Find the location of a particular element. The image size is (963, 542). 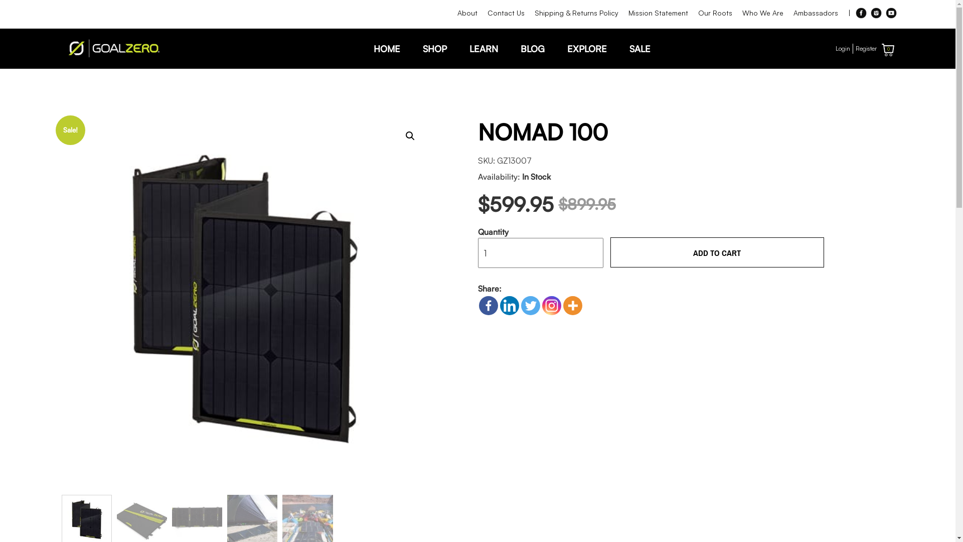

'About' is located at coordinates (466, 13).